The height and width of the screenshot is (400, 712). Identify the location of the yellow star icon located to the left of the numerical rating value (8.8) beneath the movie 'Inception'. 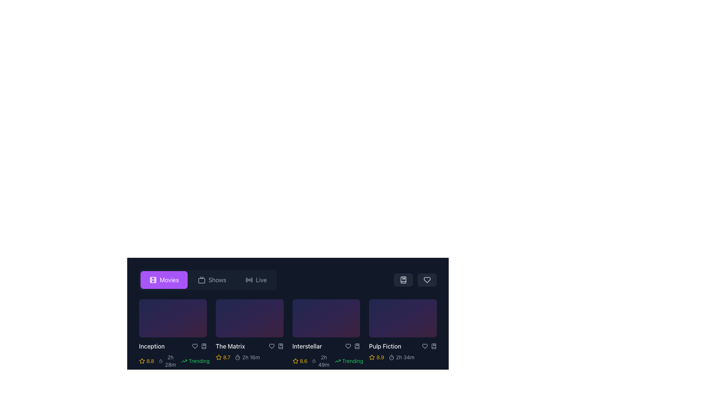
(142, 360).